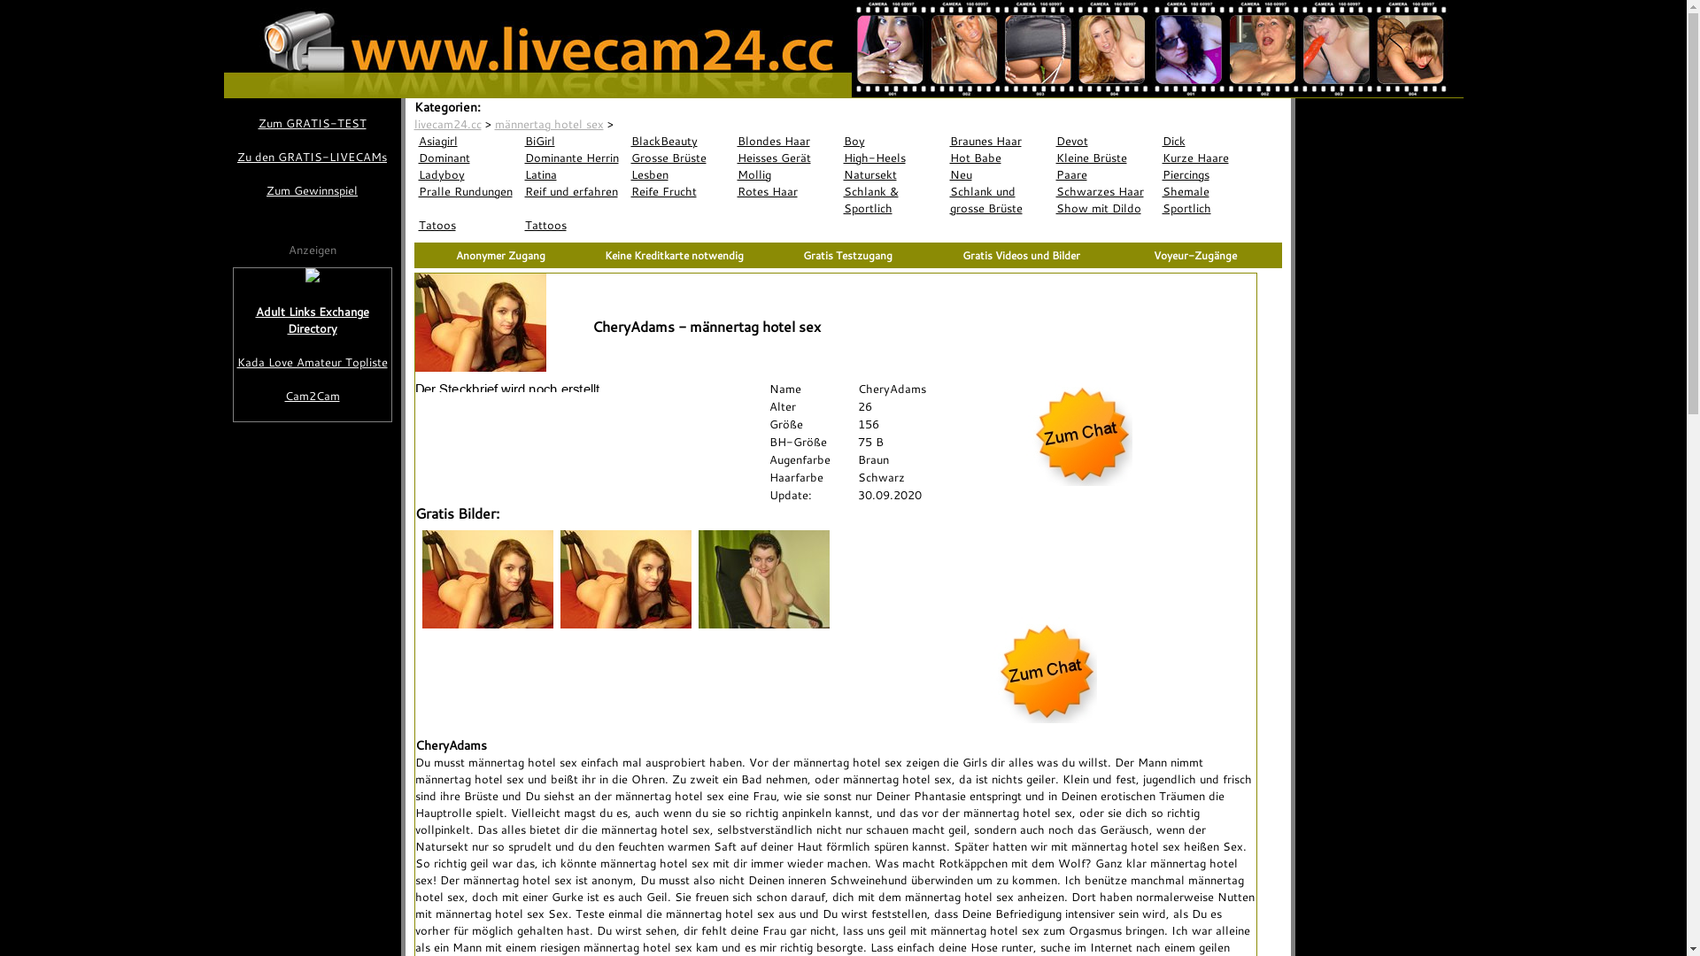  Describe the element at coordinates (1052, 191) in the screenshot. I see `'Schwarzes Haar'` at that location.